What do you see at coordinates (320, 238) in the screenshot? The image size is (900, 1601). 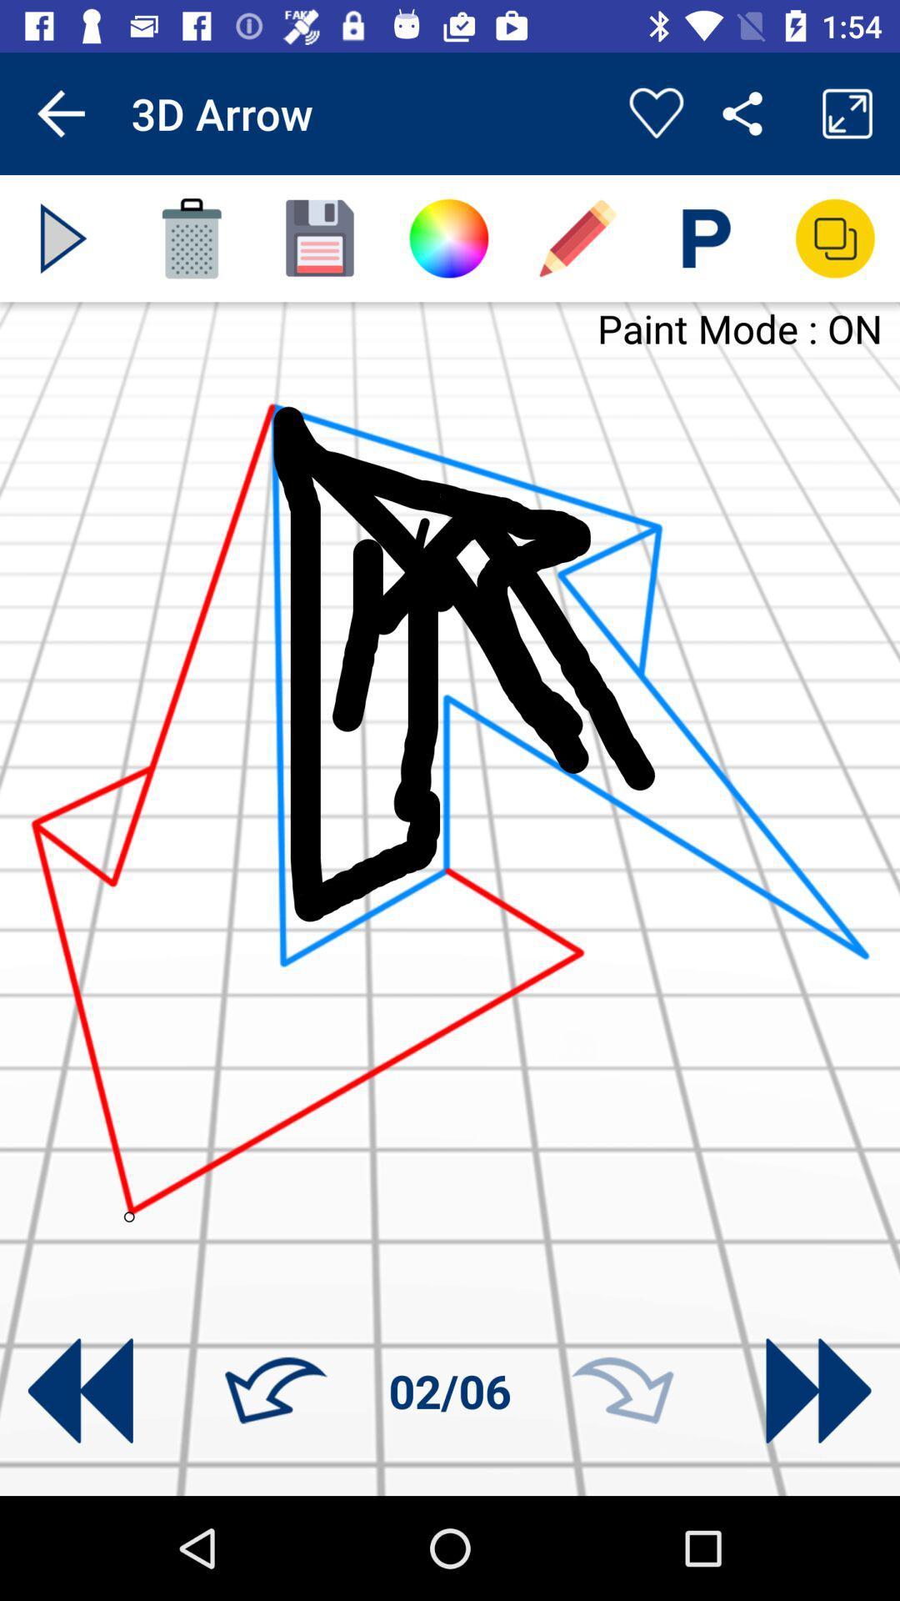 I see `save` at bounding box center [320, 238].